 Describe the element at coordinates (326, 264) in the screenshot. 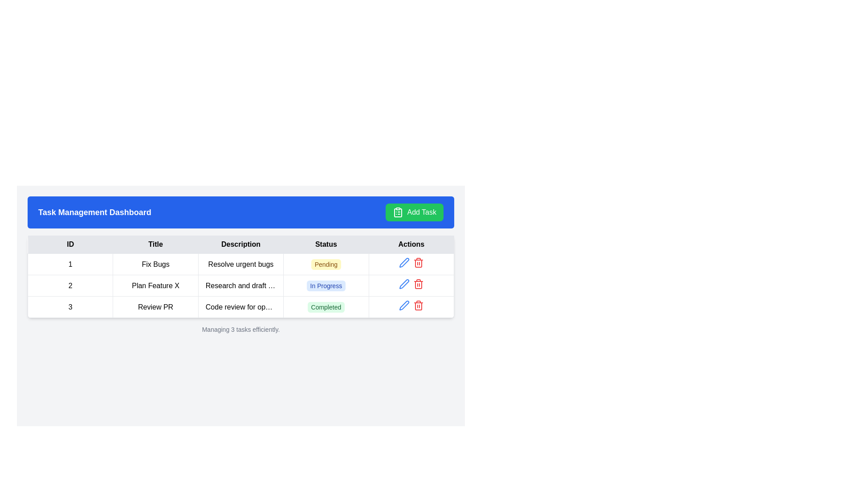

I see `the static label indicating the status of a task as 'Pending' located in the first row of the 'Status' column in the task management dashboard` at that location.